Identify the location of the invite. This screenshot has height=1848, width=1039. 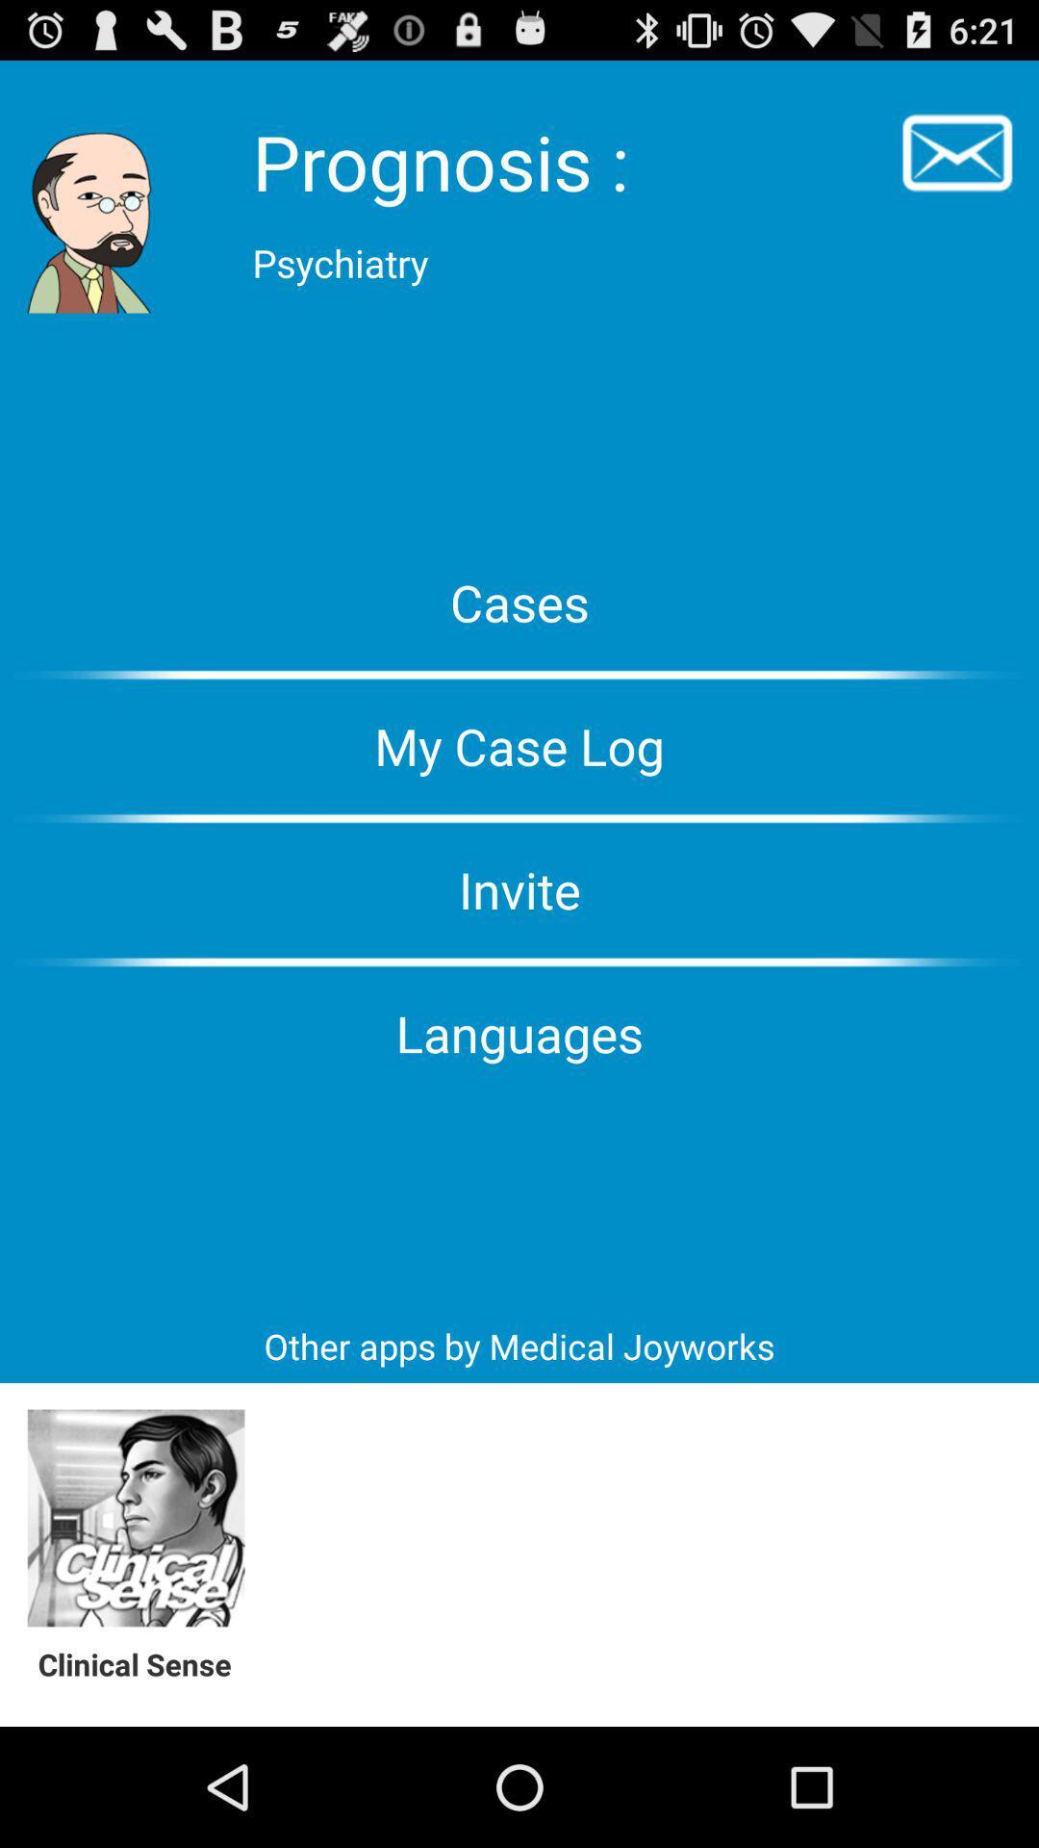
(519, 888).